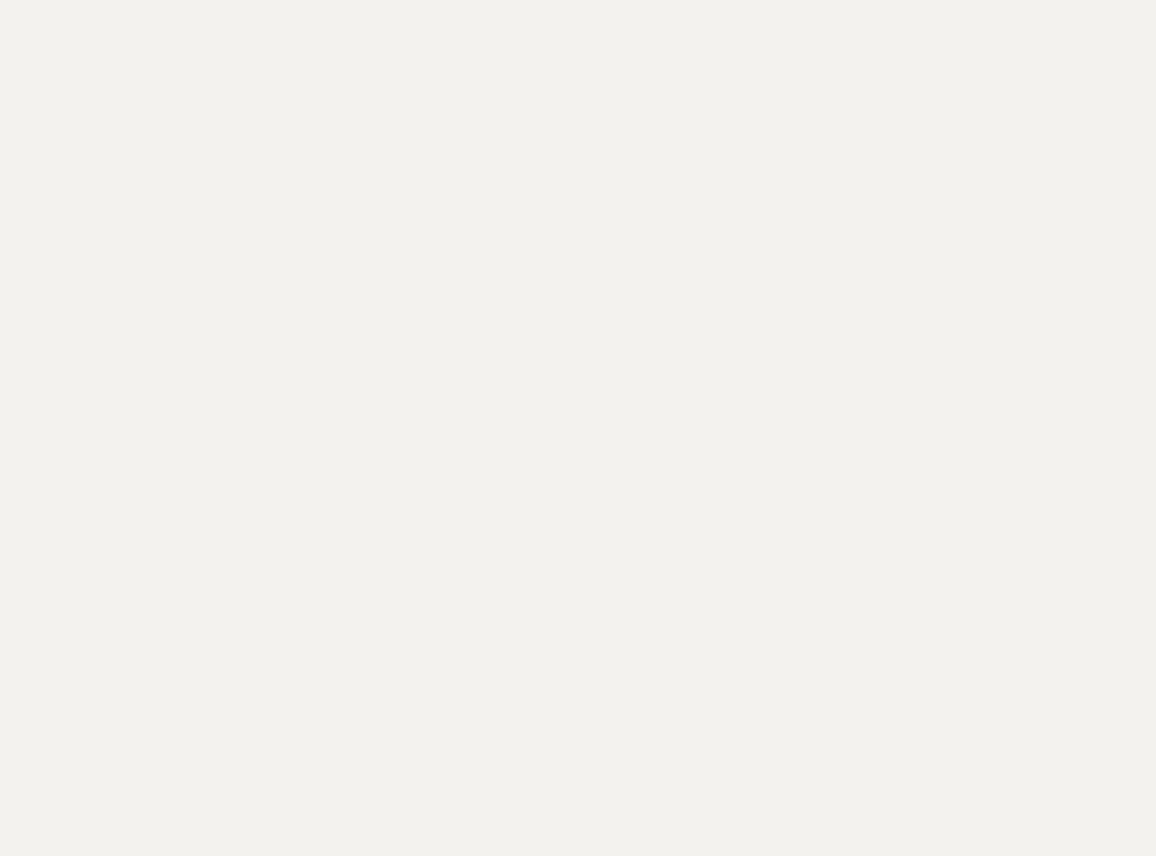 The image size is (1156, 856). I want to click on 'shared the sweet moment she got to meet Twain at one of them.', so click(497, 658).